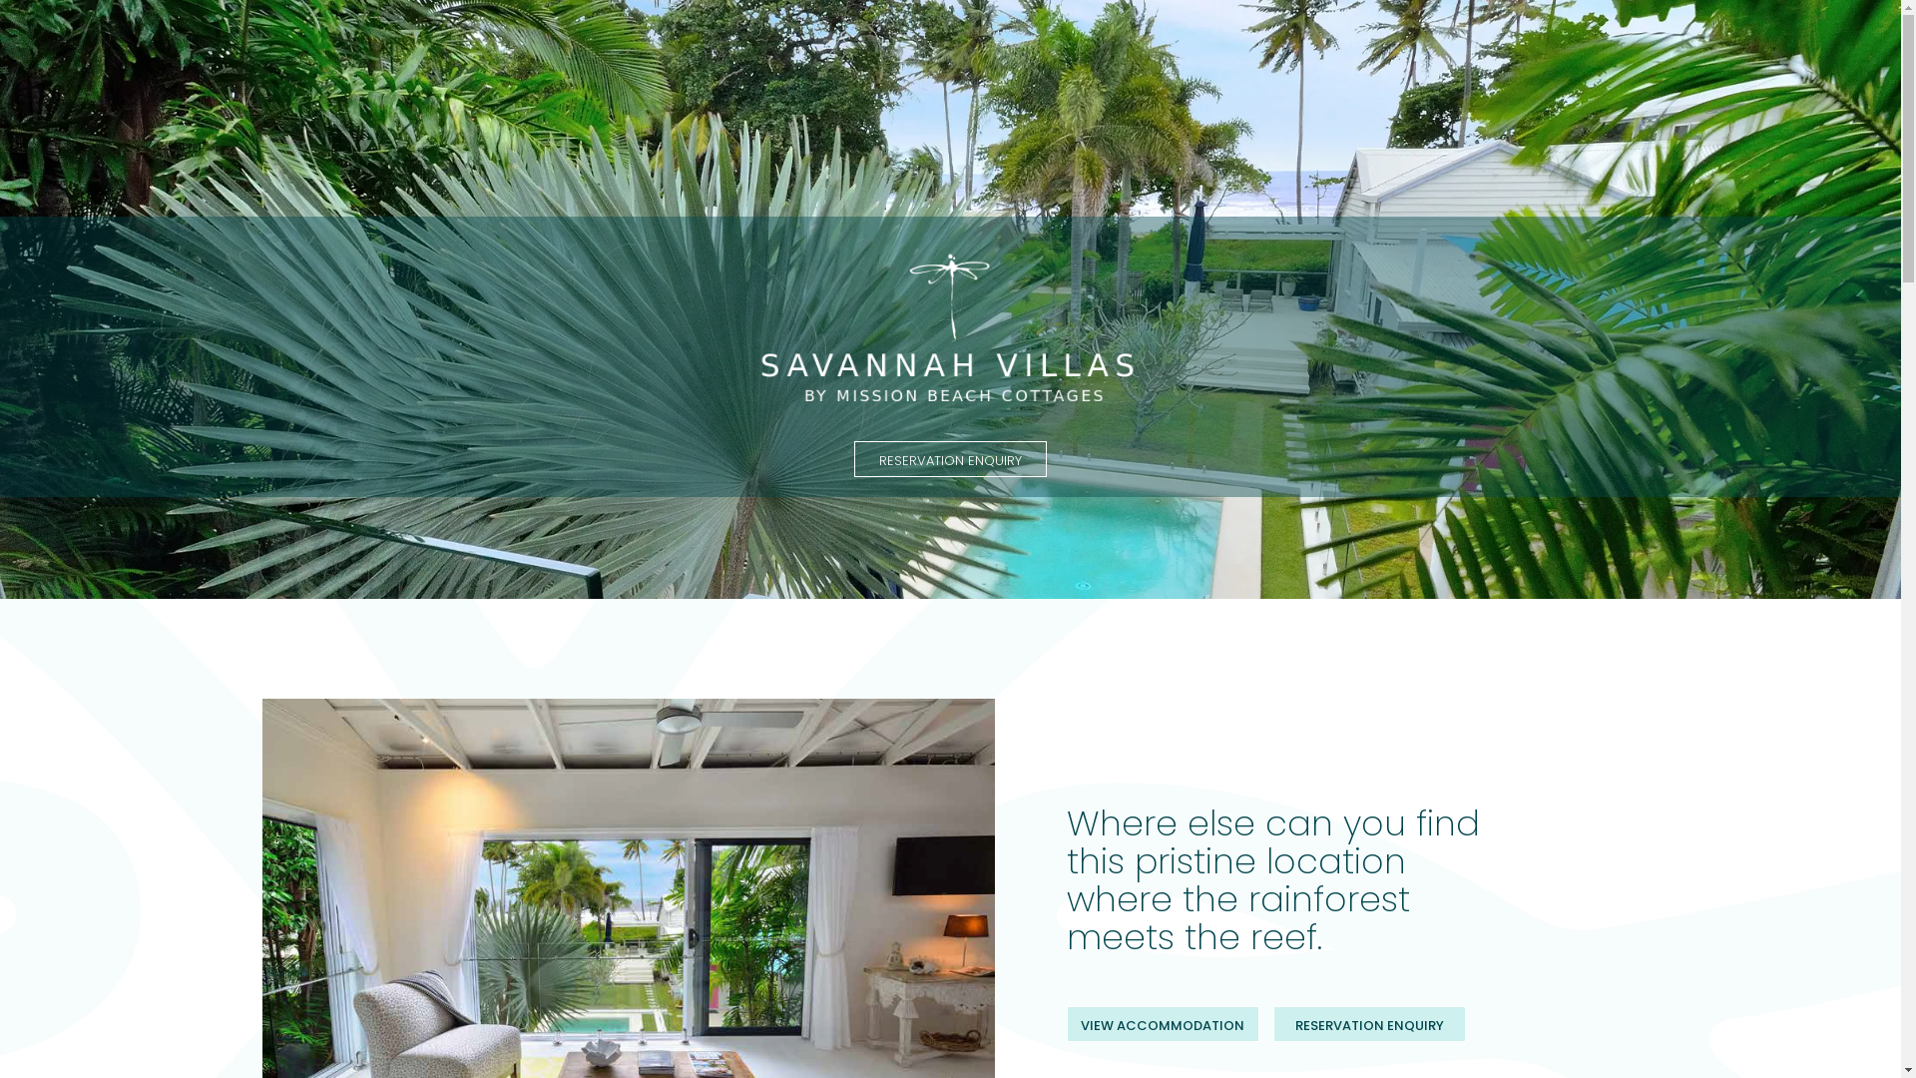 The height and width of the screenshot is (1078, 1916). I want to click on 'RESERVATION ENQUIRY', so click(1368, 1024).